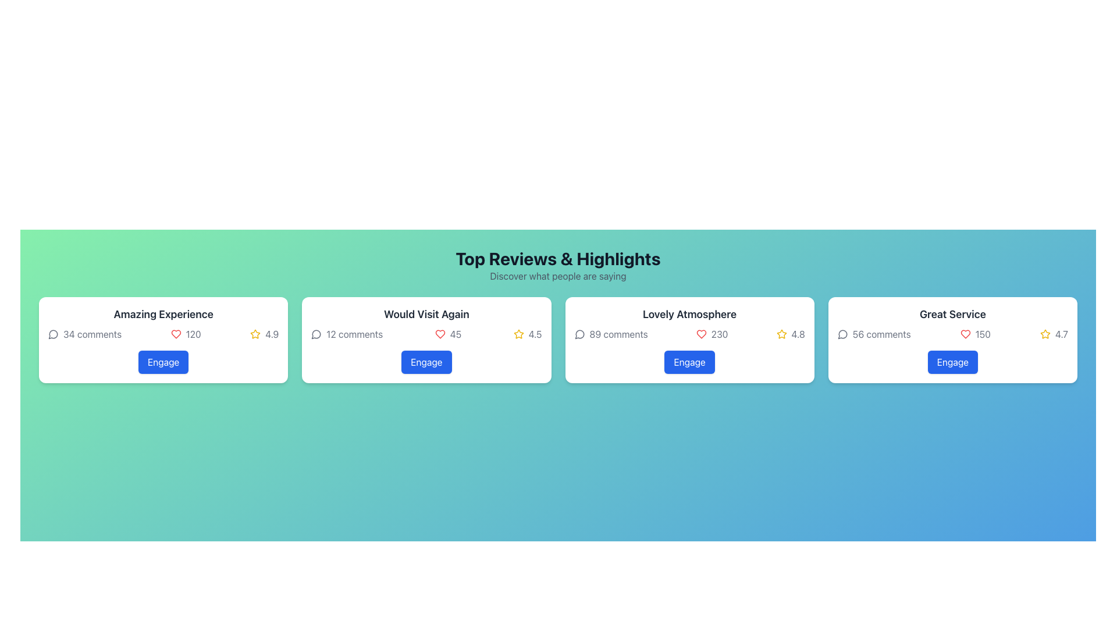  I want to click on the 'Engage' button, which is a blue rectangular button with rounded corners located at the bottom-center of the 'Amazing Experience' card, so click(163, 362).